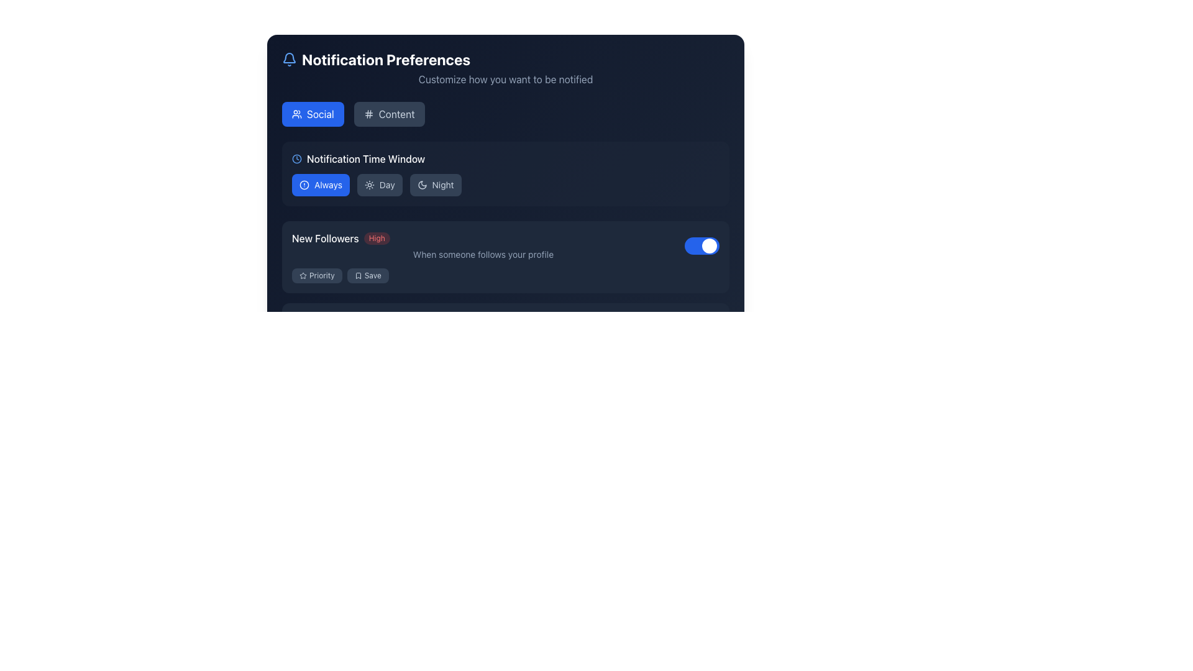  I want to click on the first button below the 'New Followers' section, so click(317, 357).